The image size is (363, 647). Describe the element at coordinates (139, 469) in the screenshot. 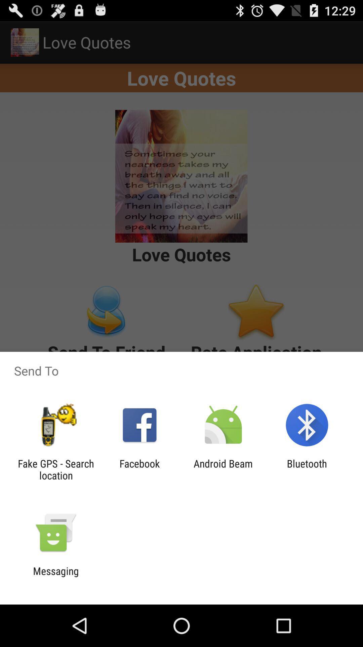

I see `the app to the right of the fake gps search` at that location.